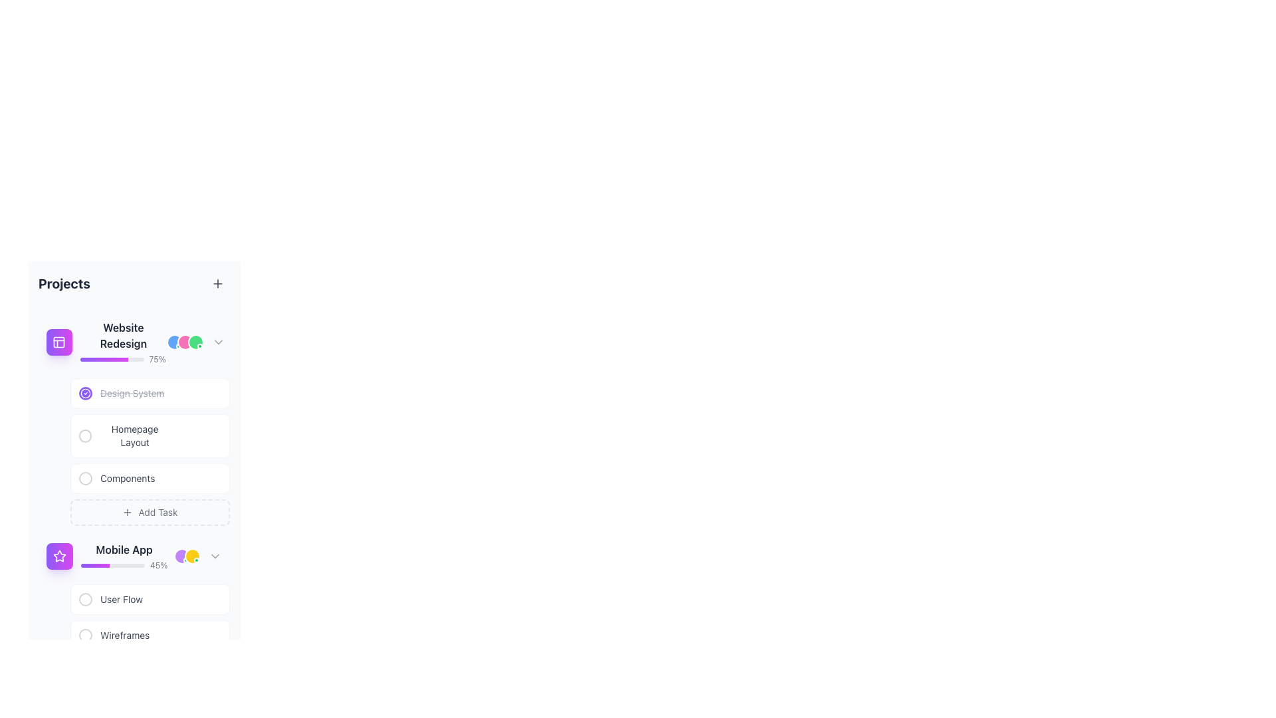 Image resolution: width=1276 pixels, height=718 pixels. What do you see at coordinates (103, 359) in the screenshot?
I see `the Progress Indicator element, a horizontal gradient bar representing progress for the 'Website Redesign' task under the 'Projects' section` at bounding box center [103, 359].